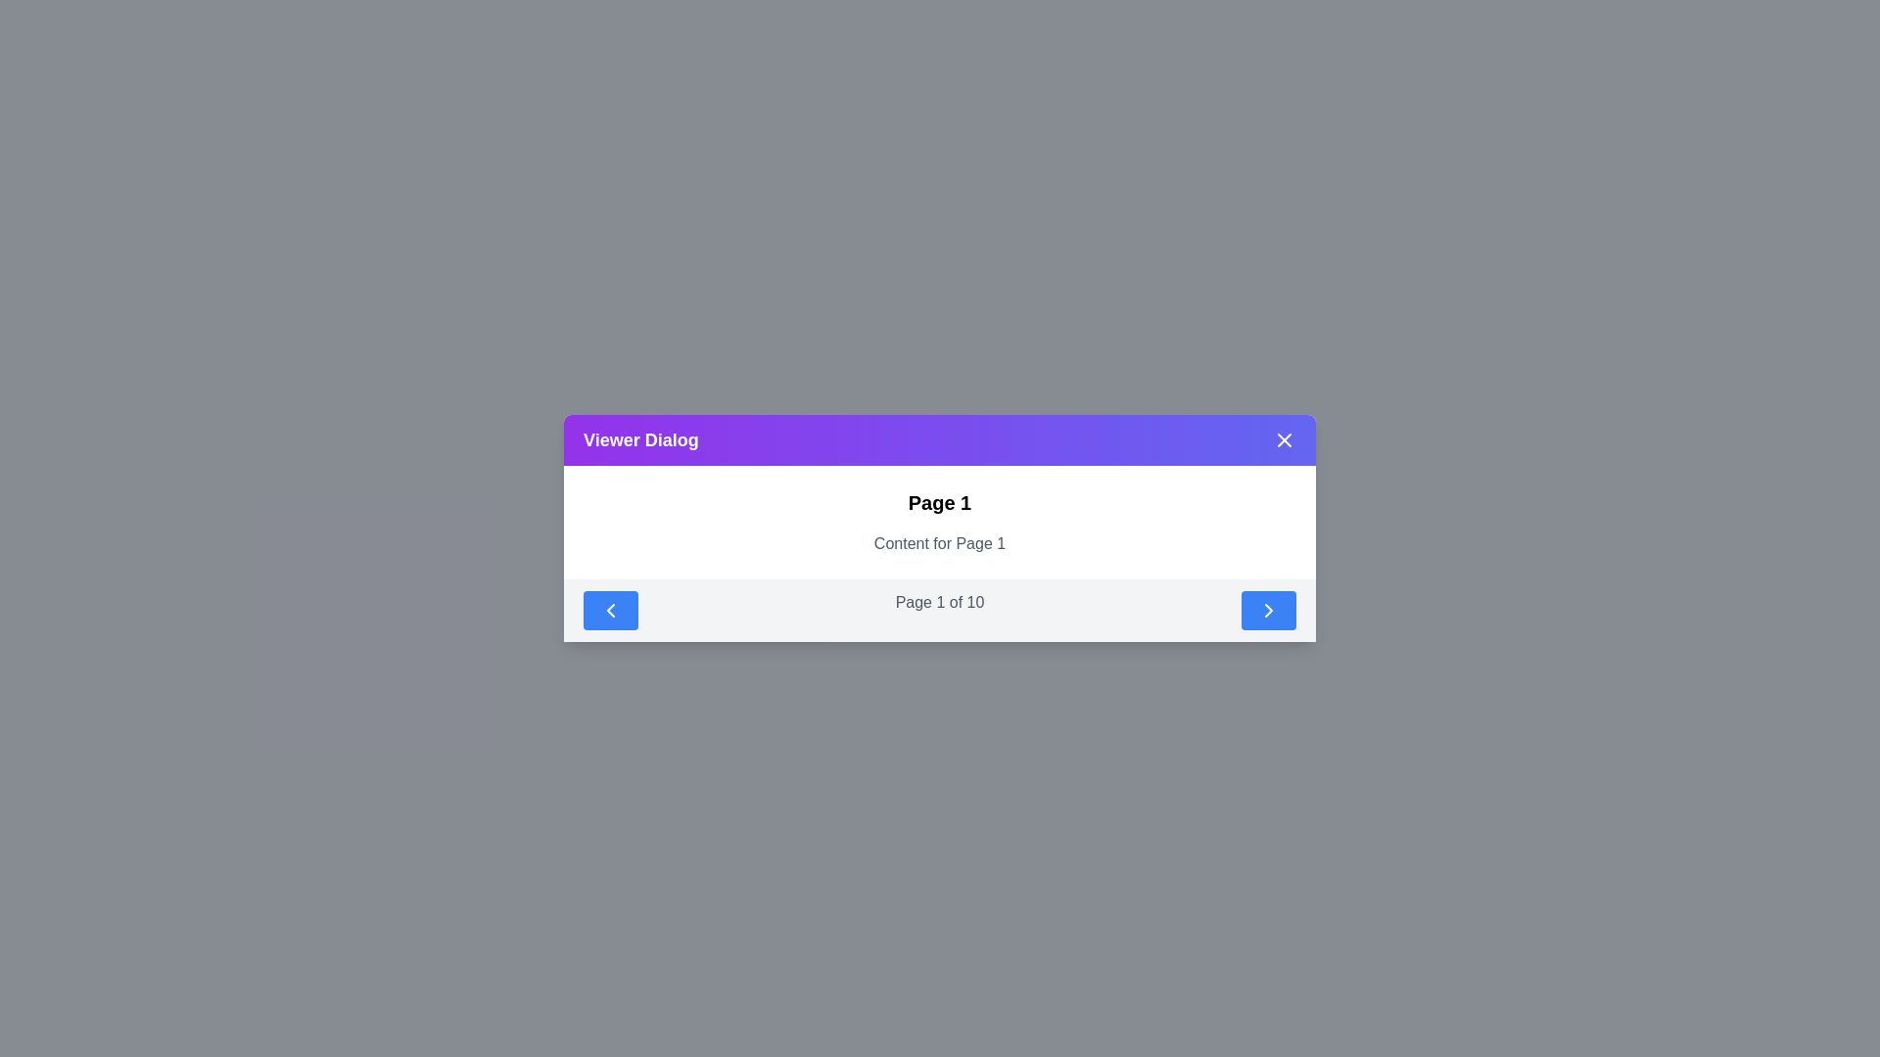  What do you see at coordinates (1284, 440) in the screenshot?
I see `the close button in the top-right corner of the dialog to close it` at bounding box center [1284, 440].